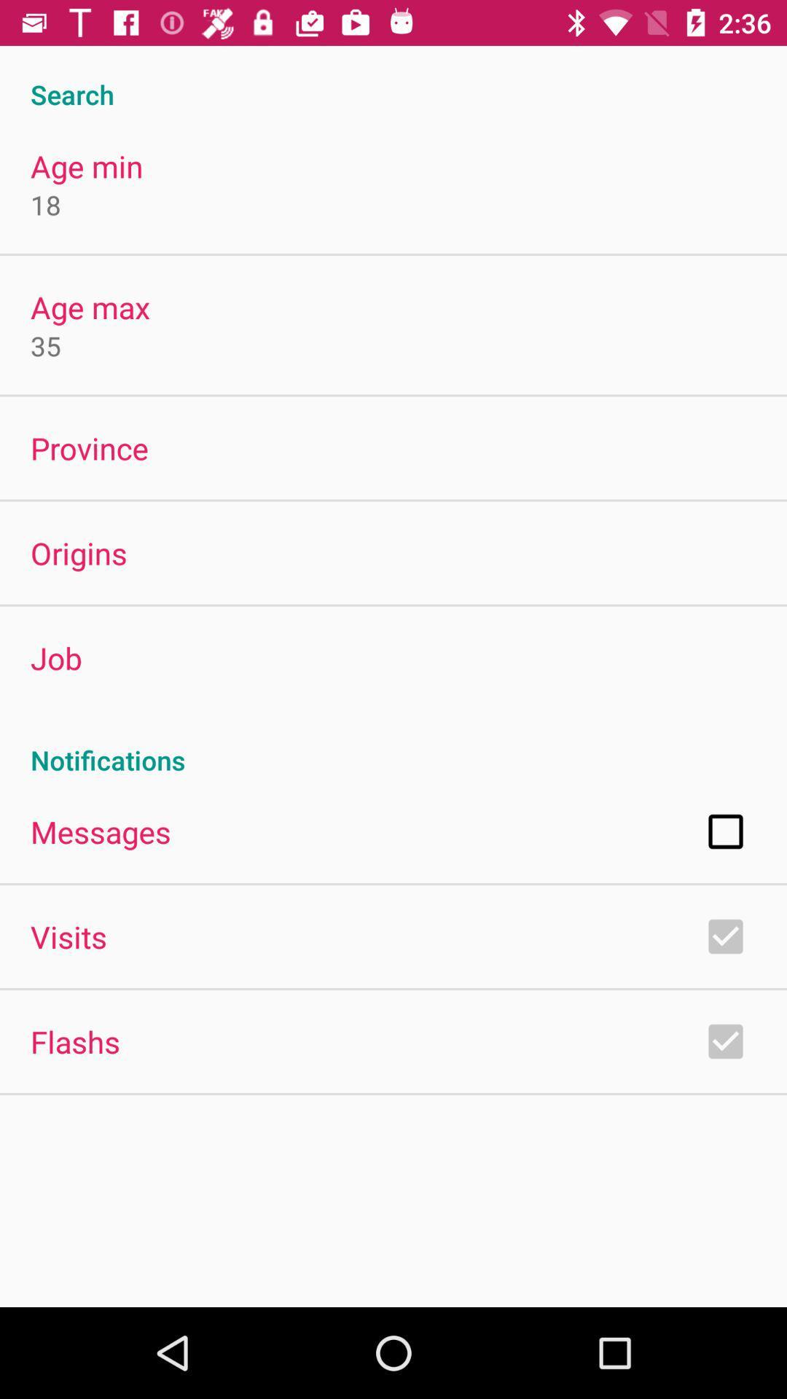  What do you see at coordinates (90, 306) in the screenshot?
I see `age max app` at bounding box center [90, 306].